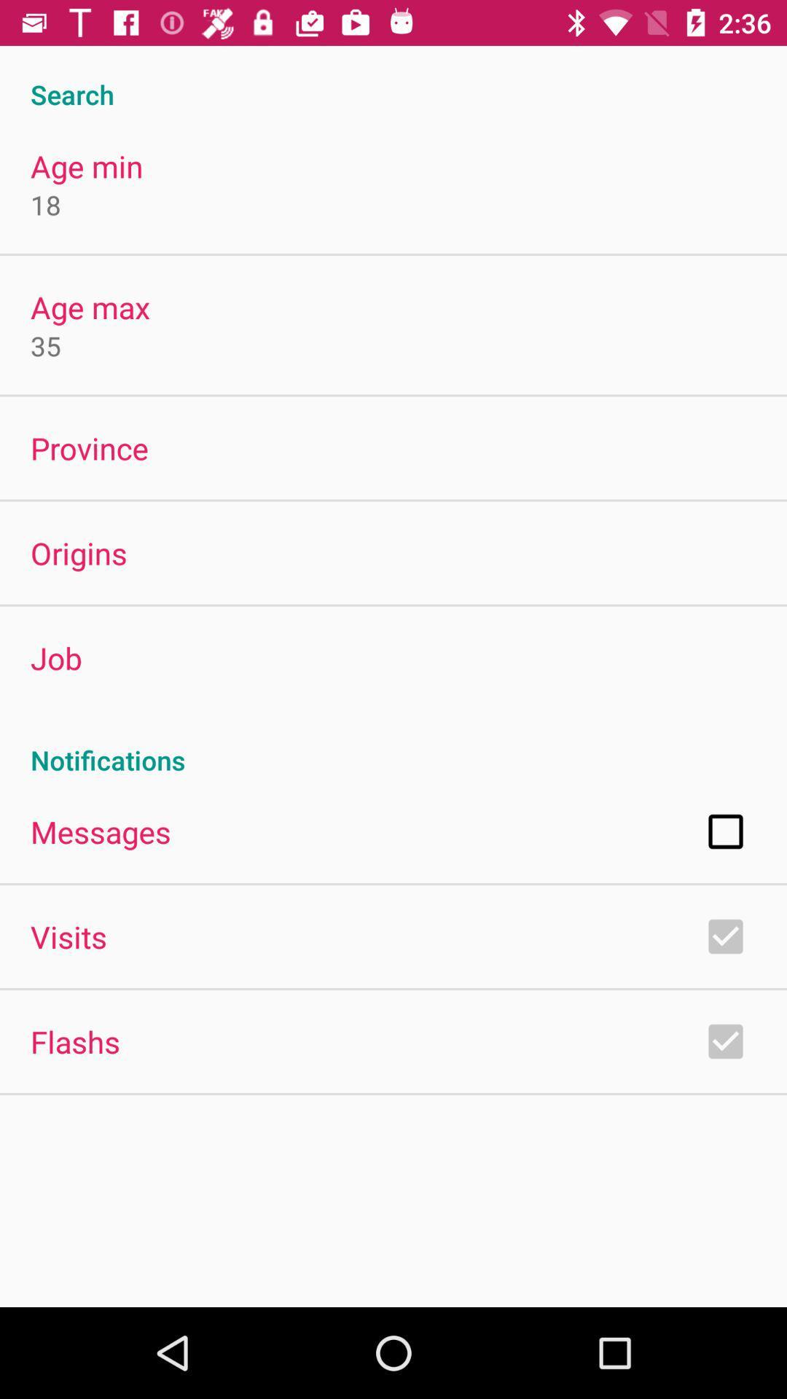  What do you see at coordinates (90, 306) in the screenshot?
I see `age max app` at bounding box center [90, 306].